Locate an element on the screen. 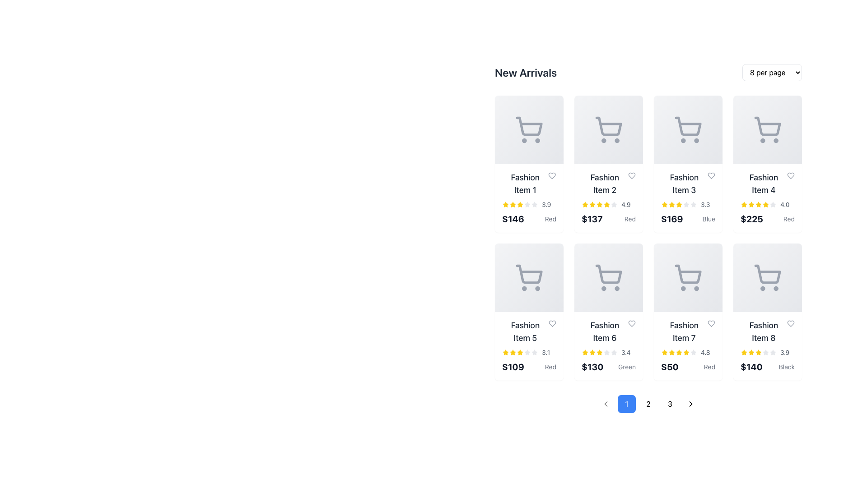 Image resolution: width=867 pixels, height=487 pixels. the heart-shaped icon is located at coordinates (711, 175).